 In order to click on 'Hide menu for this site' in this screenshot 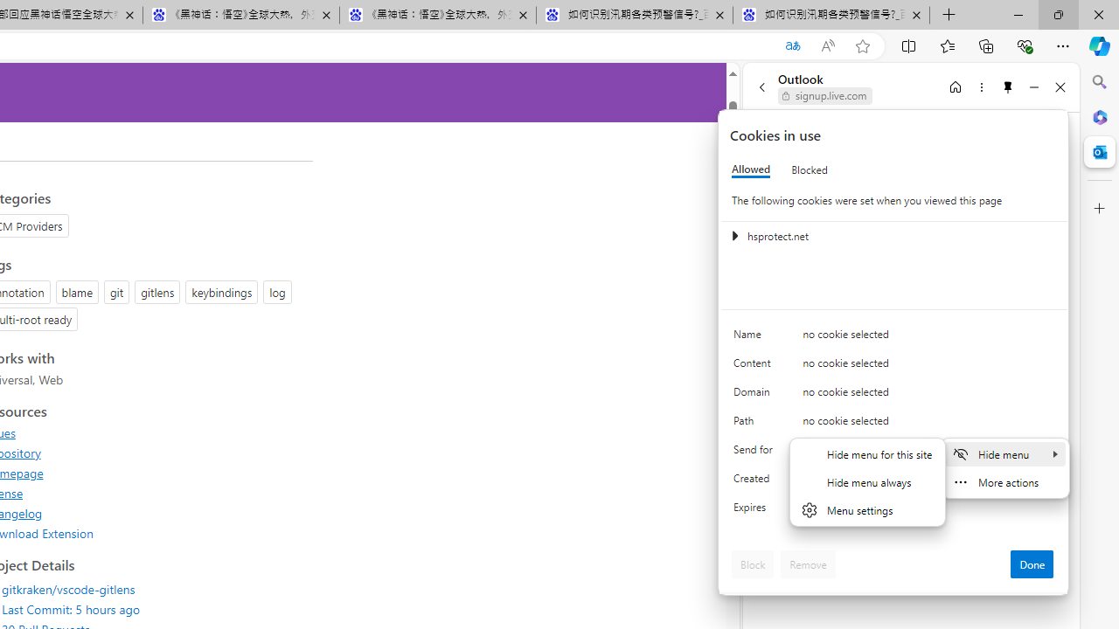, I will do `click(867, 453)`.